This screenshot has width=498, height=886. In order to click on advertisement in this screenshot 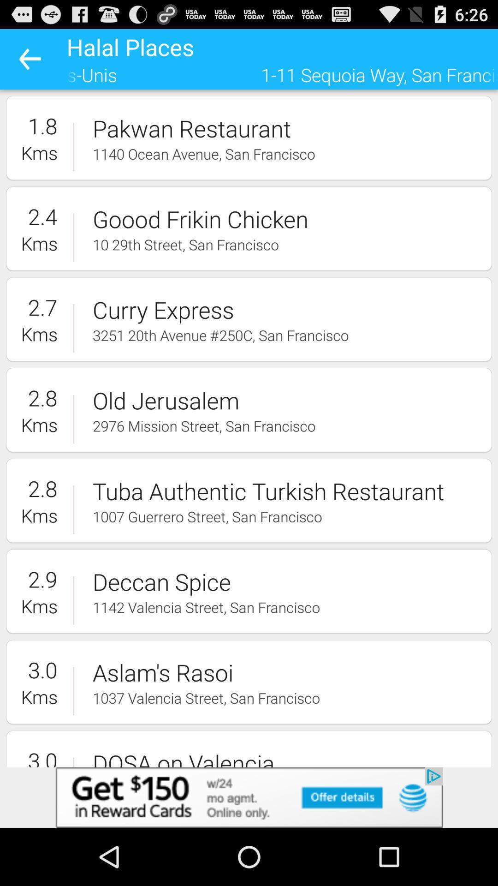, I will do `click(249, 797)`.